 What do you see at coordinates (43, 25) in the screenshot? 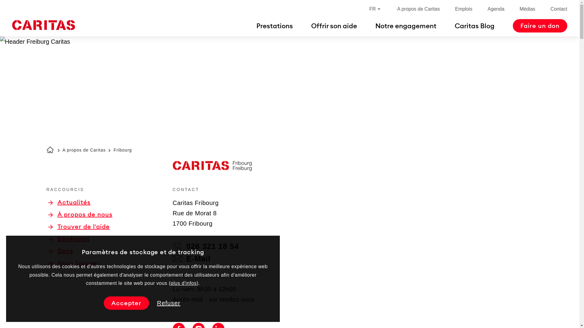
I see `'Page d'accueil'` at bounding box center [43, 25].